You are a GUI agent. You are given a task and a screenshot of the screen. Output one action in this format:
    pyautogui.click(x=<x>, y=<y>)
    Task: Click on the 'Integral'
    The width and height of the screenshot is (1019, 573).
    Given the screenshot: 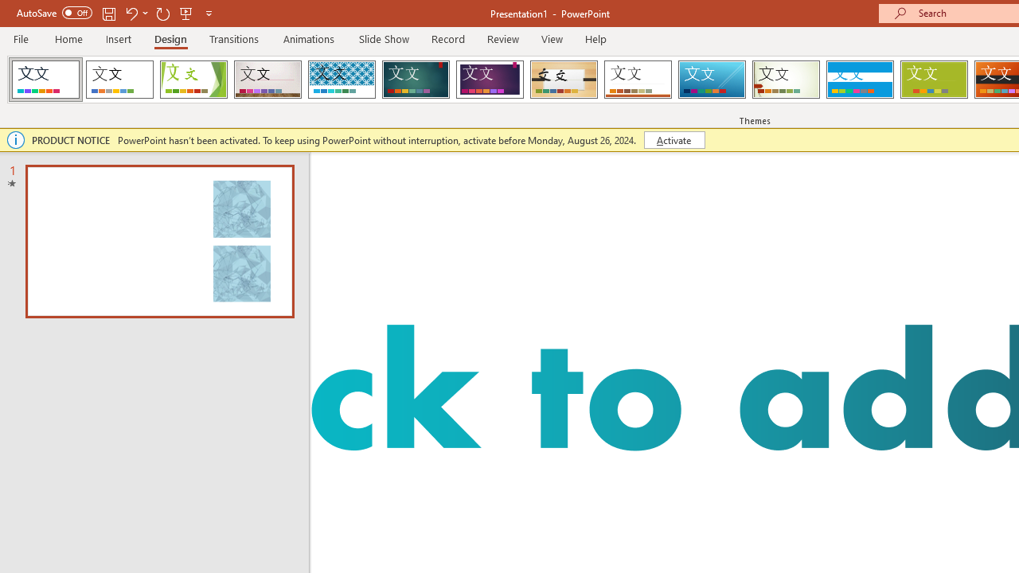 What is the action you would take?
    pyautogui.click(x=341, y=80)
    